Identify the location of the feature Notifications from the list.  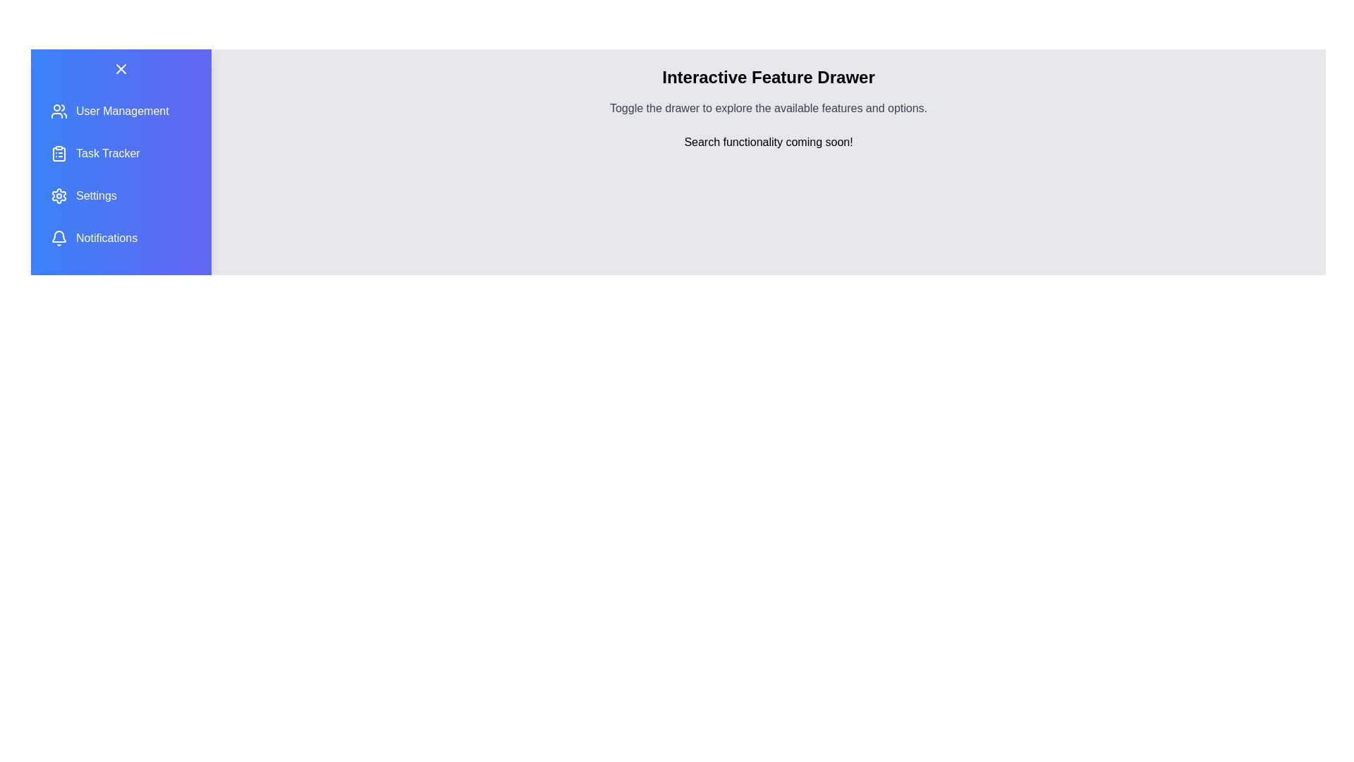
(121, 238).